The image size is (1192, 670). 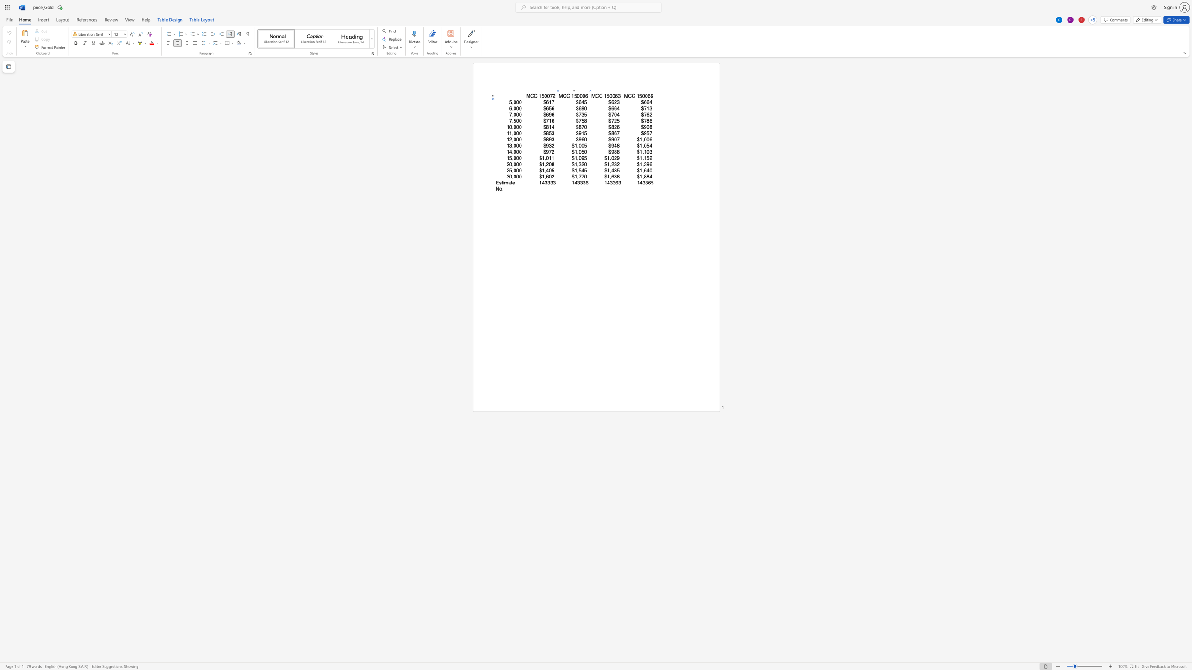 What do you see at coordinates (503, 183) in the screenshot?
I see `the 1th character "i" in the text` at bounding box center [503, 183].